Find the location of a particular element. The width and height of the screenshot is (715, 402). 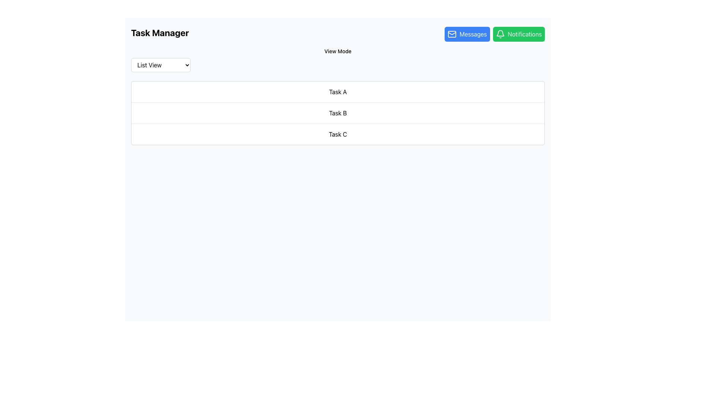

the bold, large text label displaying 'Task Manager' located at the top-left section of the interface is located at coordinates (159, 34).